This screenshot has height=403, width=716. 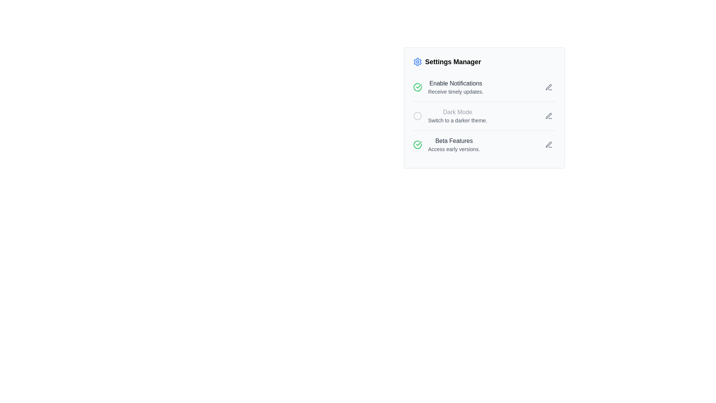 I want to click on information displayed in the 'Enable Notifications' text block, which consists of a prominent title and a descriptive line aligned vertically within the 'Settings Manager' panel, so click(x=455, y=87).